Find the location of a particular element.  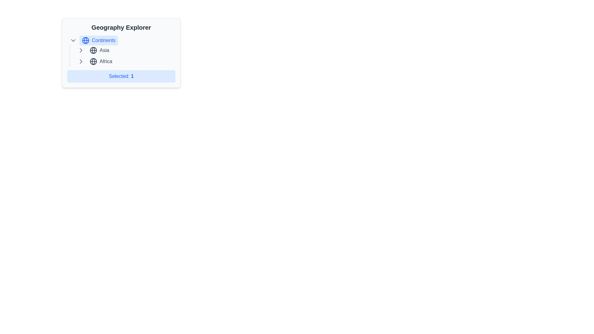

the interactive chevron icon located to the immediate left of the 'Africa' label text is located at coordinates (81, 62).